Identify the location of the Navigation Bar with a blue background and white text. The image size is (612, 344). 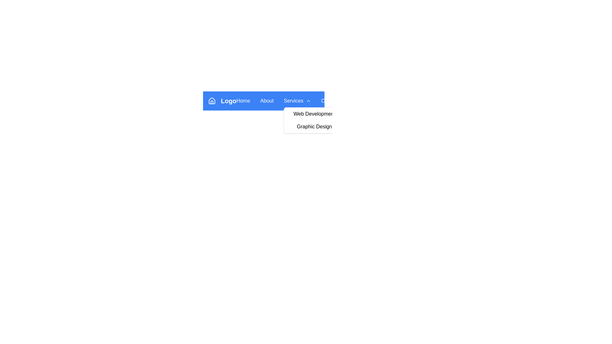
(264, 100).